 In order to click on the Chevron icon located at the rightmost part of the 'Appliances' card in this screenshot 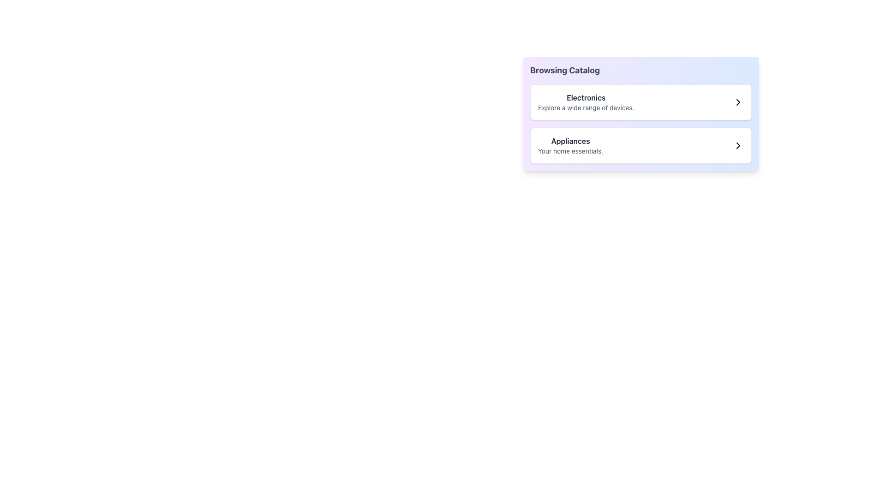, I will do `click(737, 145)`.